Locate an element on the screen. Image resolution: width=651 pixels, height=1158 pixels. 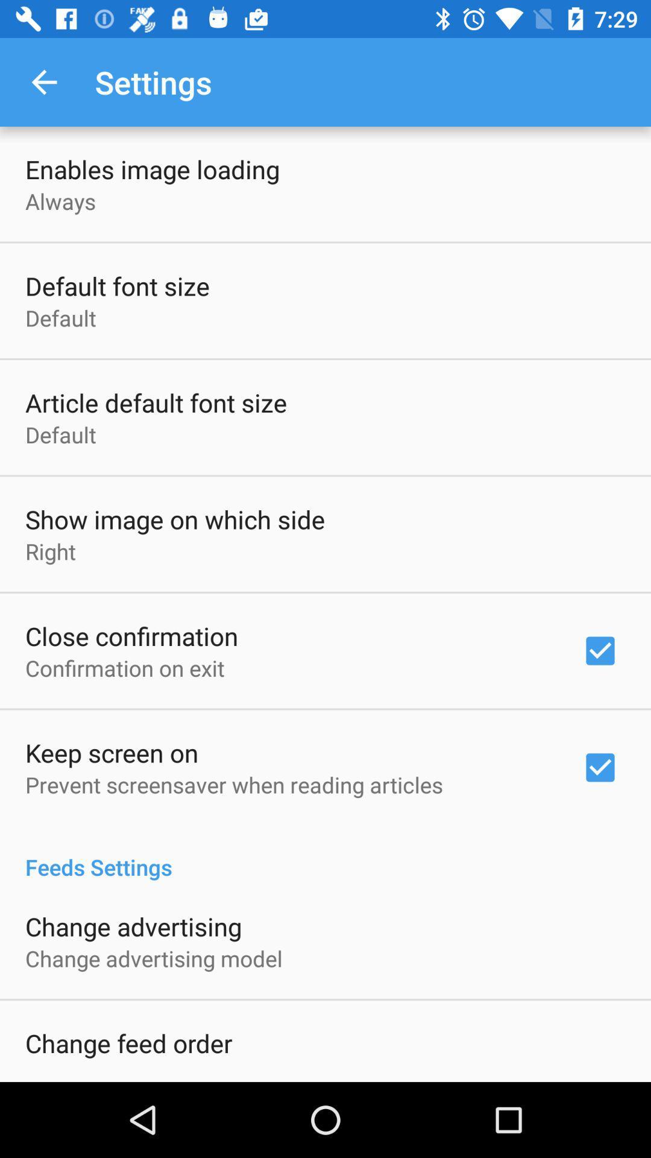
item above right icon is located at coordinates (175, 519).